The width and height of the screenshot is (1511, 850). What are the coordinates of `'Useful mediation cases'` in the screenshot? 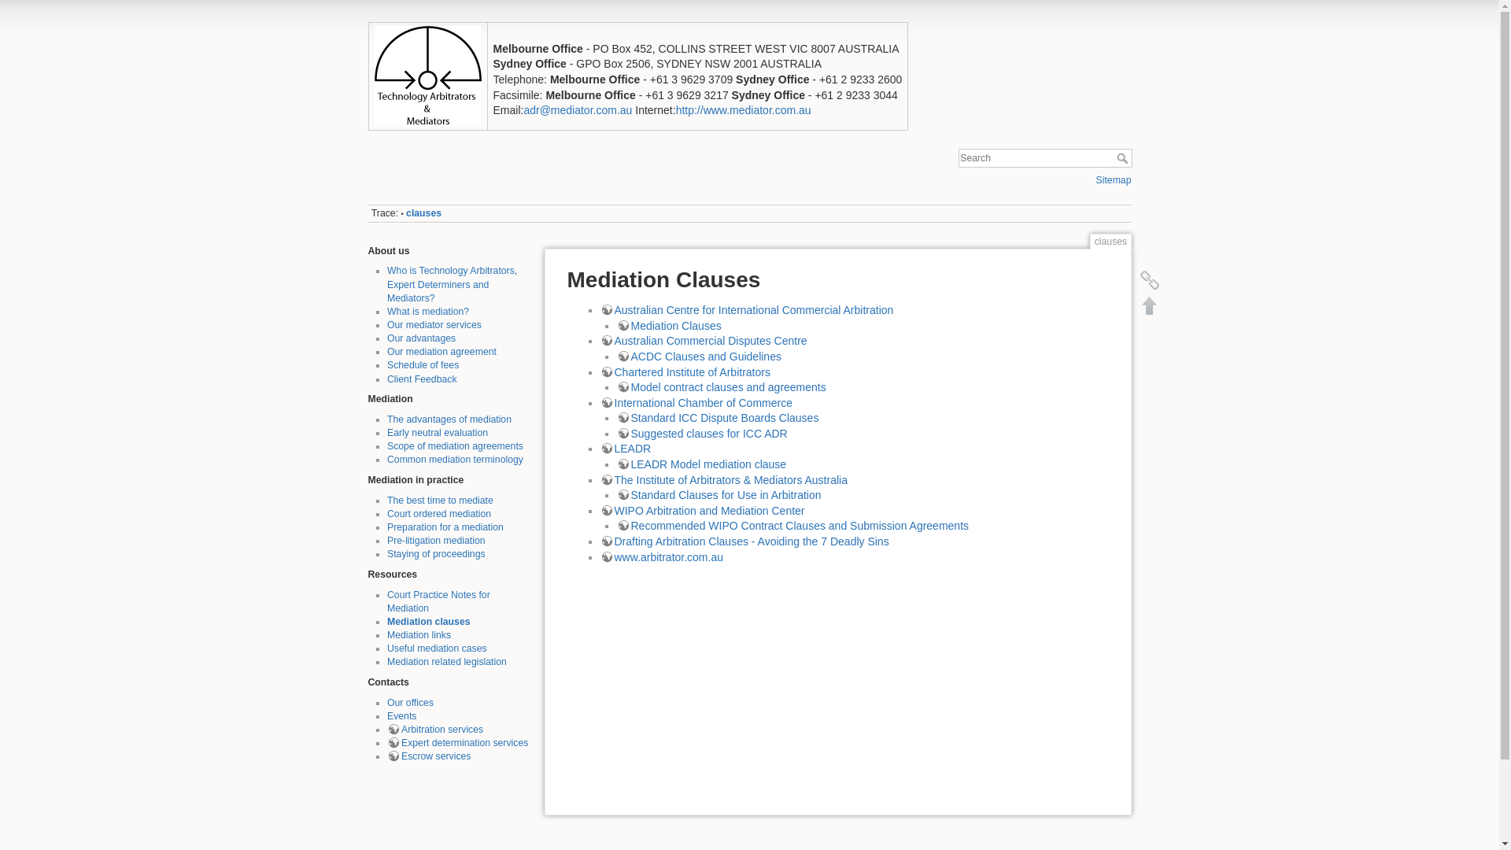 It's located at (386, 649).